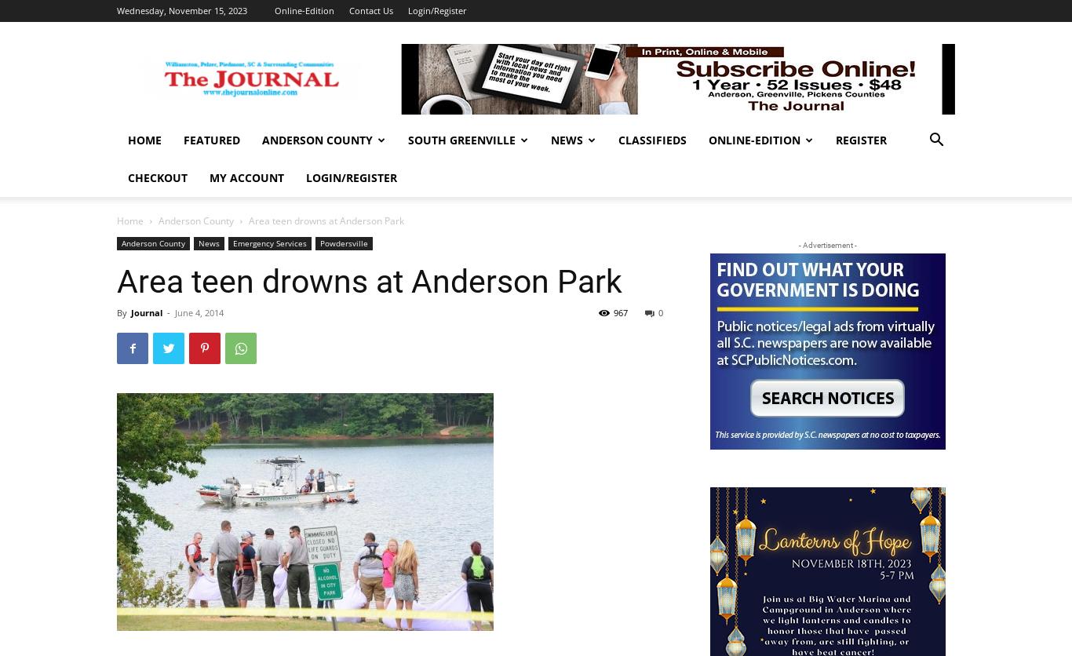 Image resolution: width=1072 pixels, height=656 pixels. What do you see at coordinates (130, 312) in the screenshot?
I see `'Journal'` at bounding box center [130, 312].